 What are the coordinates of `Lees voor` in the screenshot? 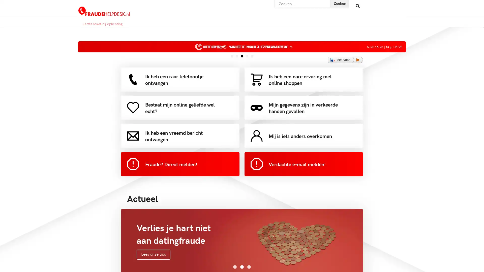 It's located at (345, 60).